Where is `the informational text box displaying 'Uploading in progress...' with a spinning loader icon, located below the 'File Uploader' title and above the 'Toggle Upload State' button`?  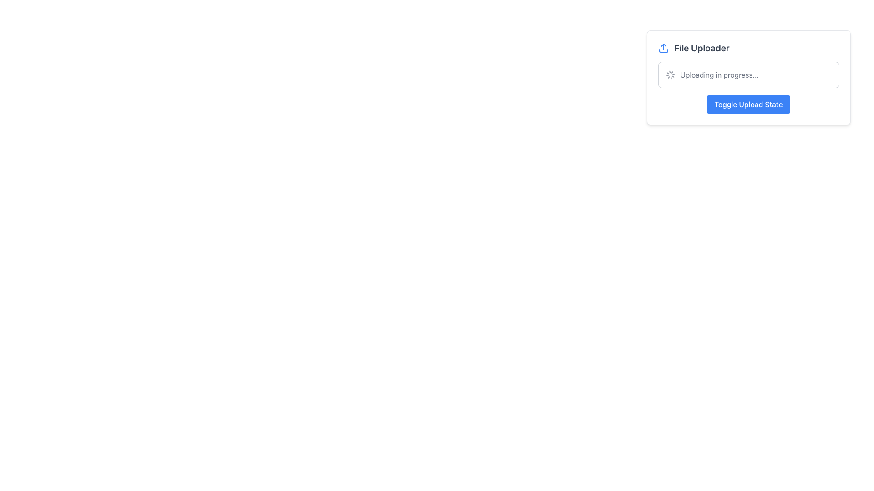 the informational text box displaying 'Uploading in progress...' with a spinning loader icon, located below the 'File Uploader' title and above the 'Toggle Upload State' button is located at coordinates (748, 75).